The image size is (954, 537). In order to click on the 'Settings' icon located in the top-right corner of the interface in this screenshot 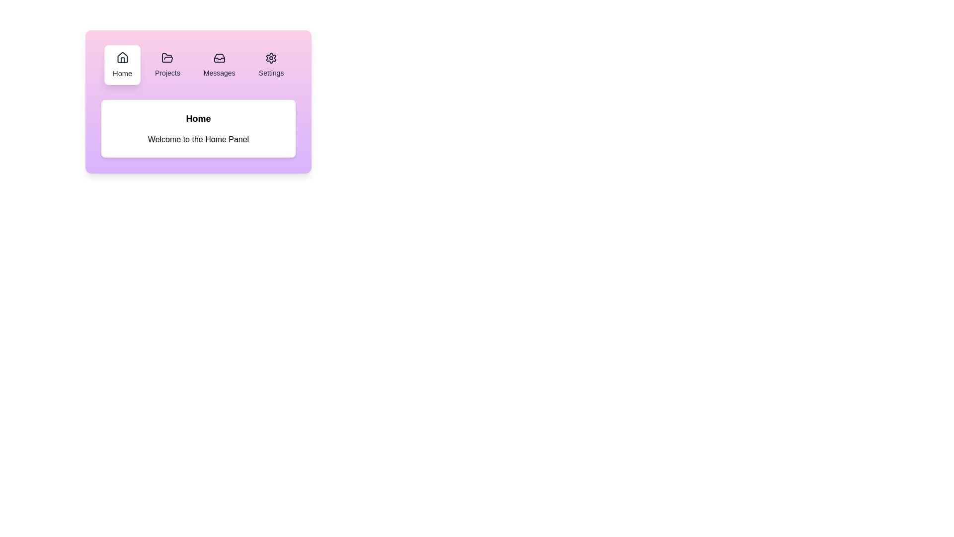, I will do `click(271, 58)`.